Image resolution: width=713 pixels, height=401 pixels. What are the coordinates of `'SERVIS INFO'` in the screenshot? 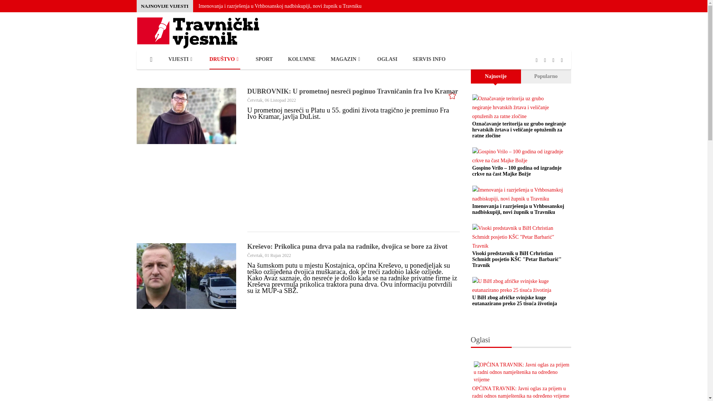 It's located at (429, 59).